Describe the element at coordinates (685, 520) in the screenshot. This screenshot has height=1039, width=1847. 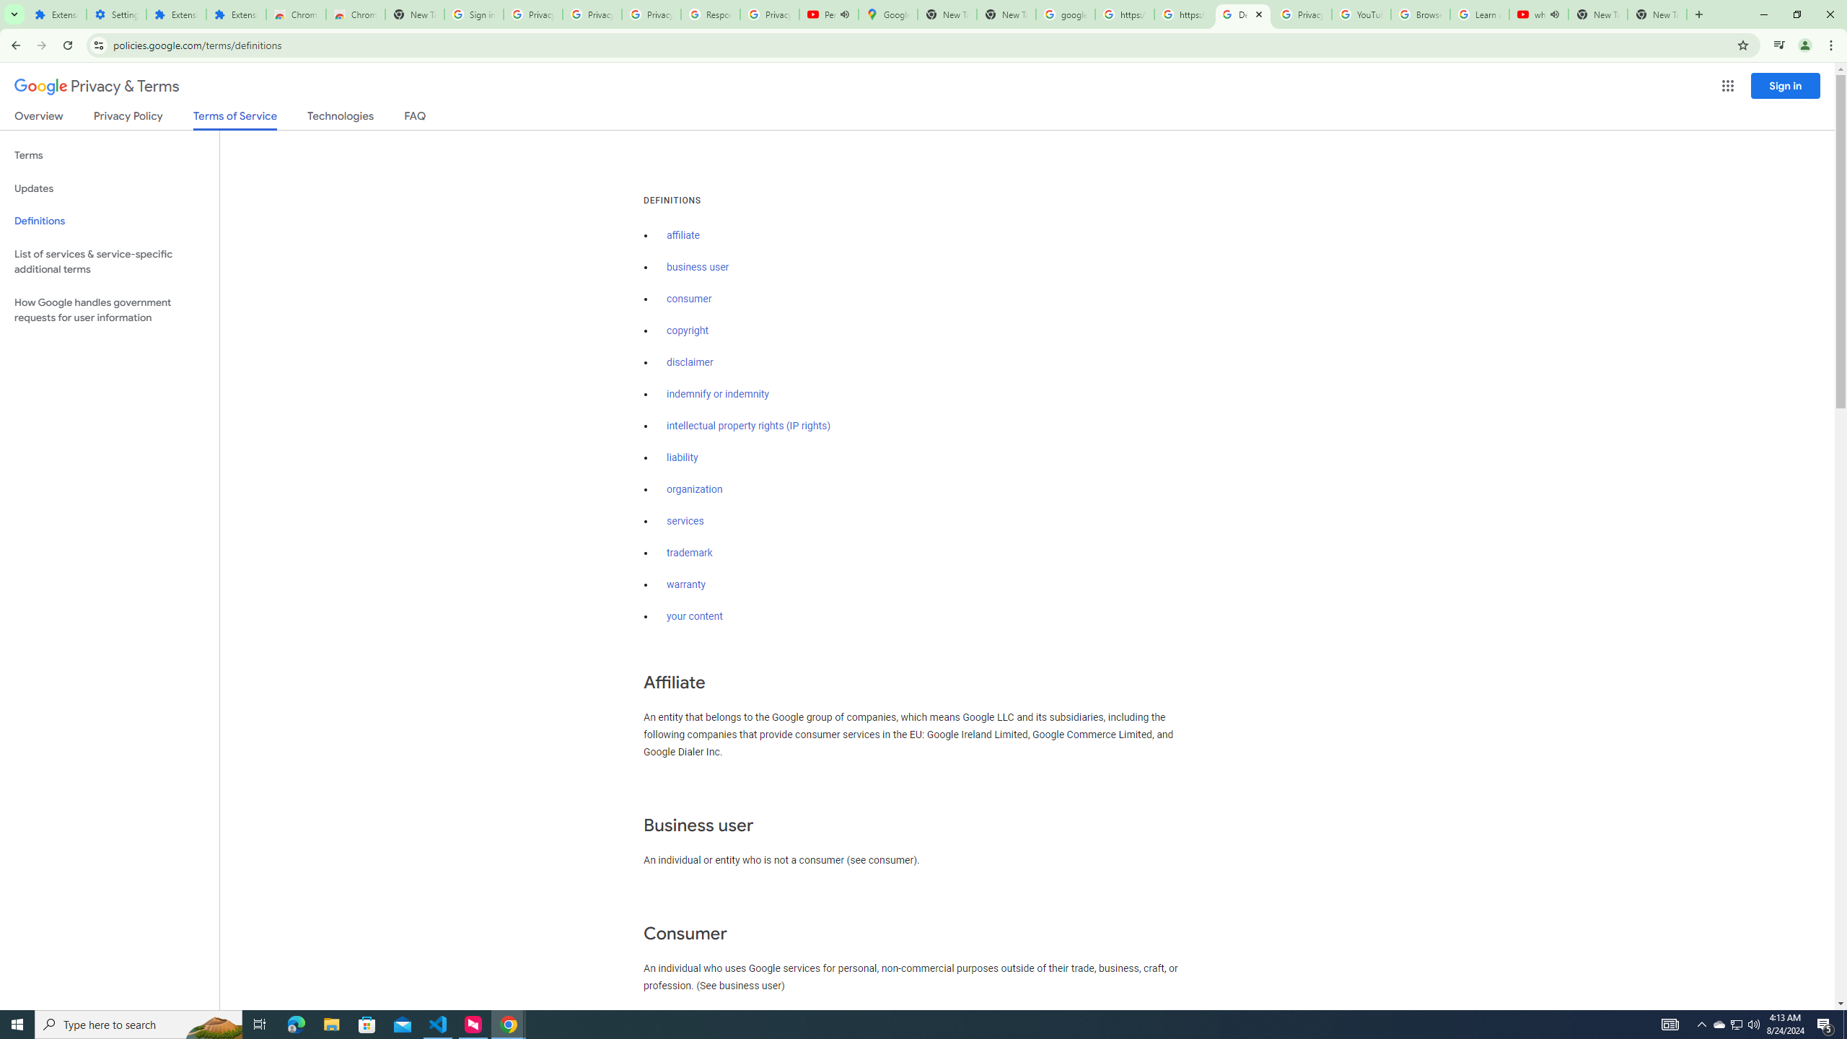
I see `'services'` at that location.